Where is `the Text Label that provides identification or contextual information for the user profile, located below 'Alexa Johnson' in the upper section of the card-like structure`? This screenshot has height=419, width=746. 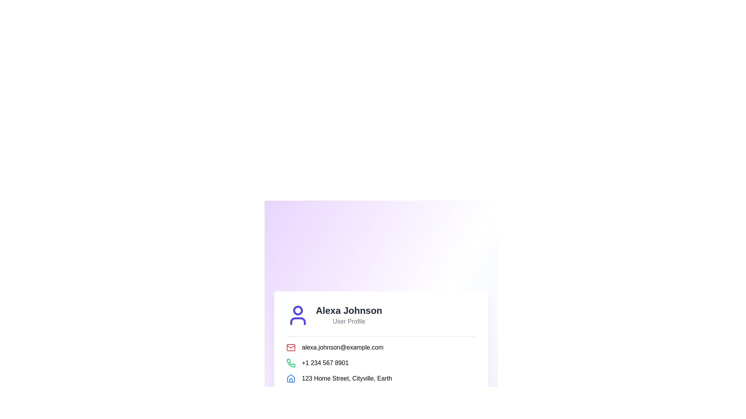
the Text Label that provides identification or contextual information for the user profile, located below 'Alexa Johnson' in the upper section of the card-like structure is located at coordinates (349, 321).